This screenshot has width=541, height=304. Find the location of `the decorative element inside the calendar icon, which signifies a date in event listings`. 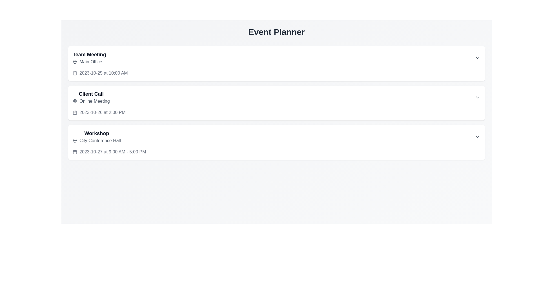

the decorative element inside the calendar icon, which signifies a date in event listings is located at coordinates (74, 73).